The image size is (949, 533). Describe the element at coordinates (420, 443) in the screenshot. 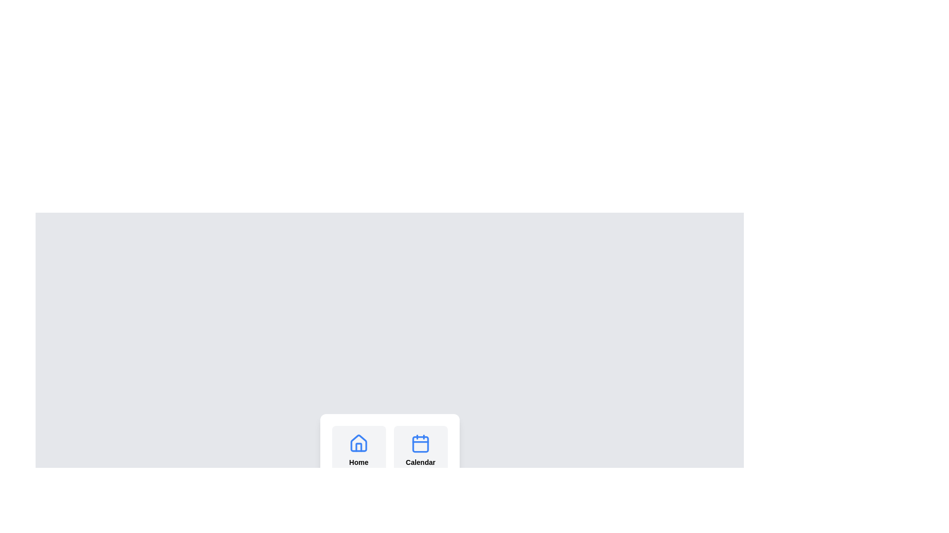

I see `the background rectangle of the calendar icon, which is centrally located within the calendar icon on the bottom navigation bar` at that location.